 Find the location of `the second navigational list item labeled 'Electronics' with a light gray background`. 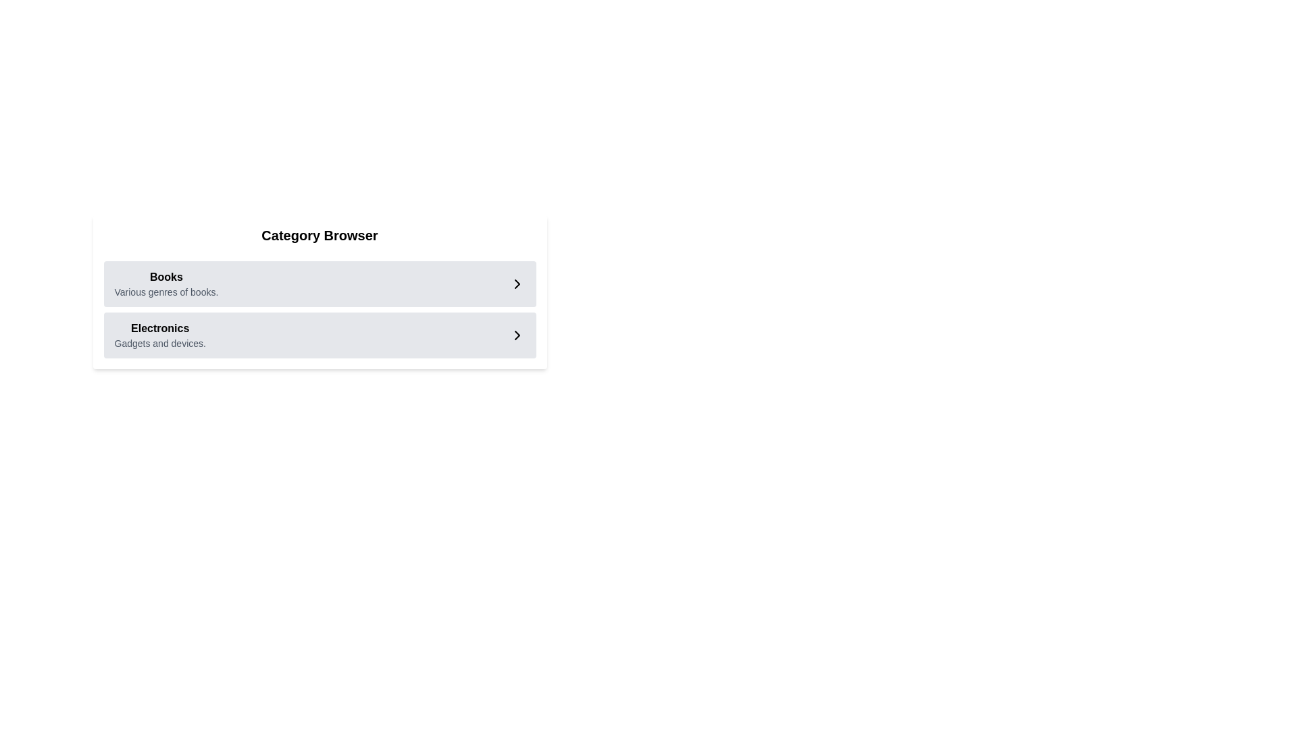

the second navigational list item labeled 'Electronics' with a light gray background is located at coordinates (319, 335).